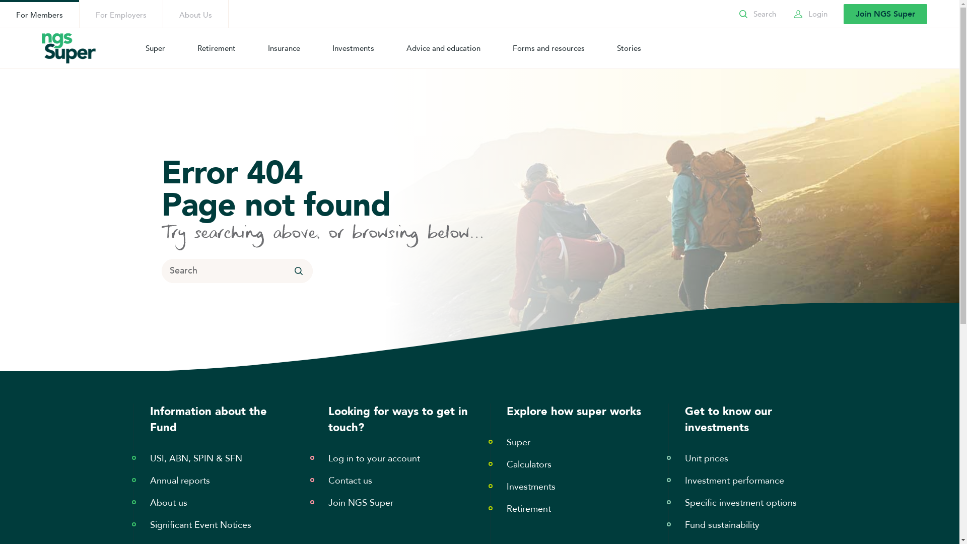  What do you see at coordinates (284, 48) in the screenshot?
I see `'Insurance'` at bounding box center [284, 48].